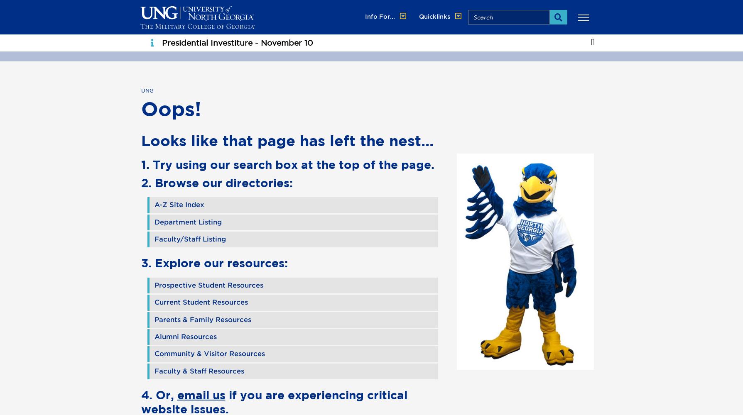  Describe the element at coordinates (154, 238) in the screenshot. I see `'Faculty/Staff Listing'` at that location.